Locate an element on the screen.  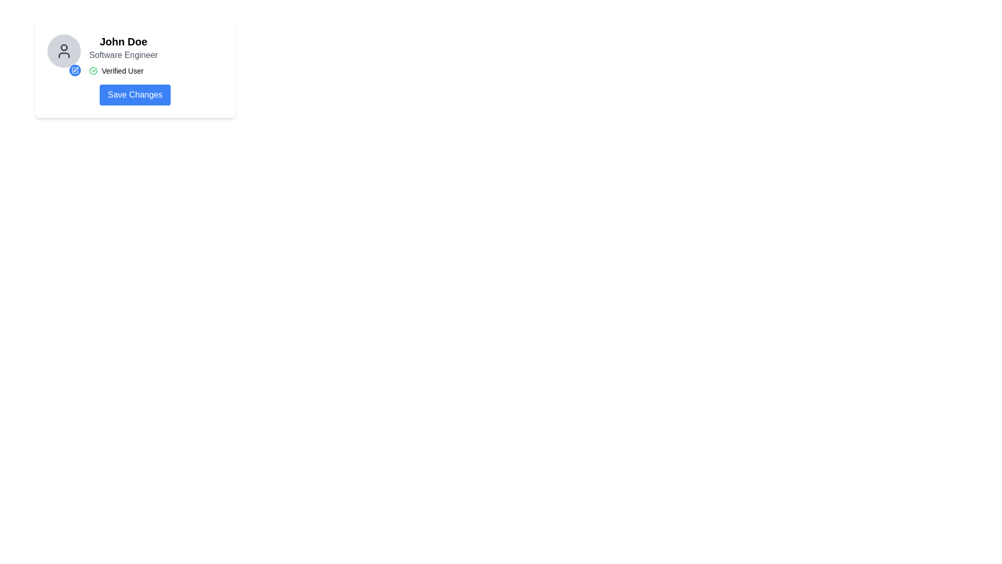
the Graphical Avatar Placeholder is located at coordinates (64, 51).